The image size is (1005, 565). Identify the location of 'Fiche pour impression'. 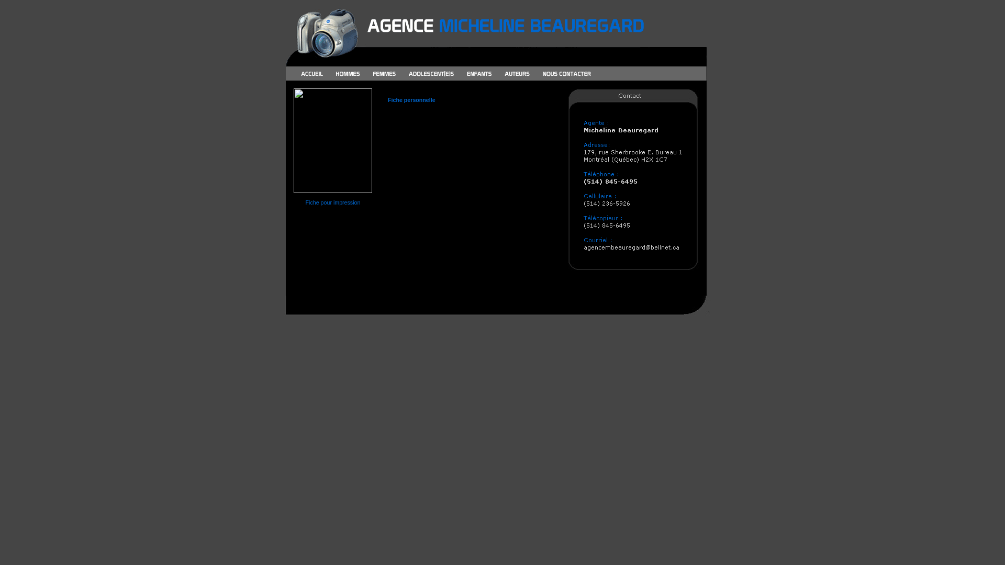
(332, 202).